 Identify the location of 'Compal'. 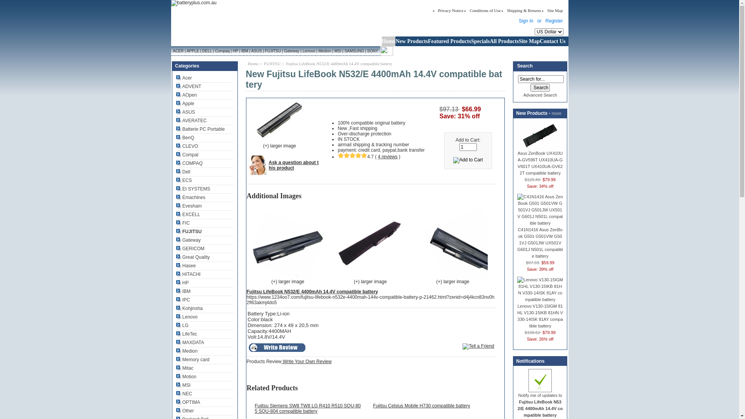
(176, 154).